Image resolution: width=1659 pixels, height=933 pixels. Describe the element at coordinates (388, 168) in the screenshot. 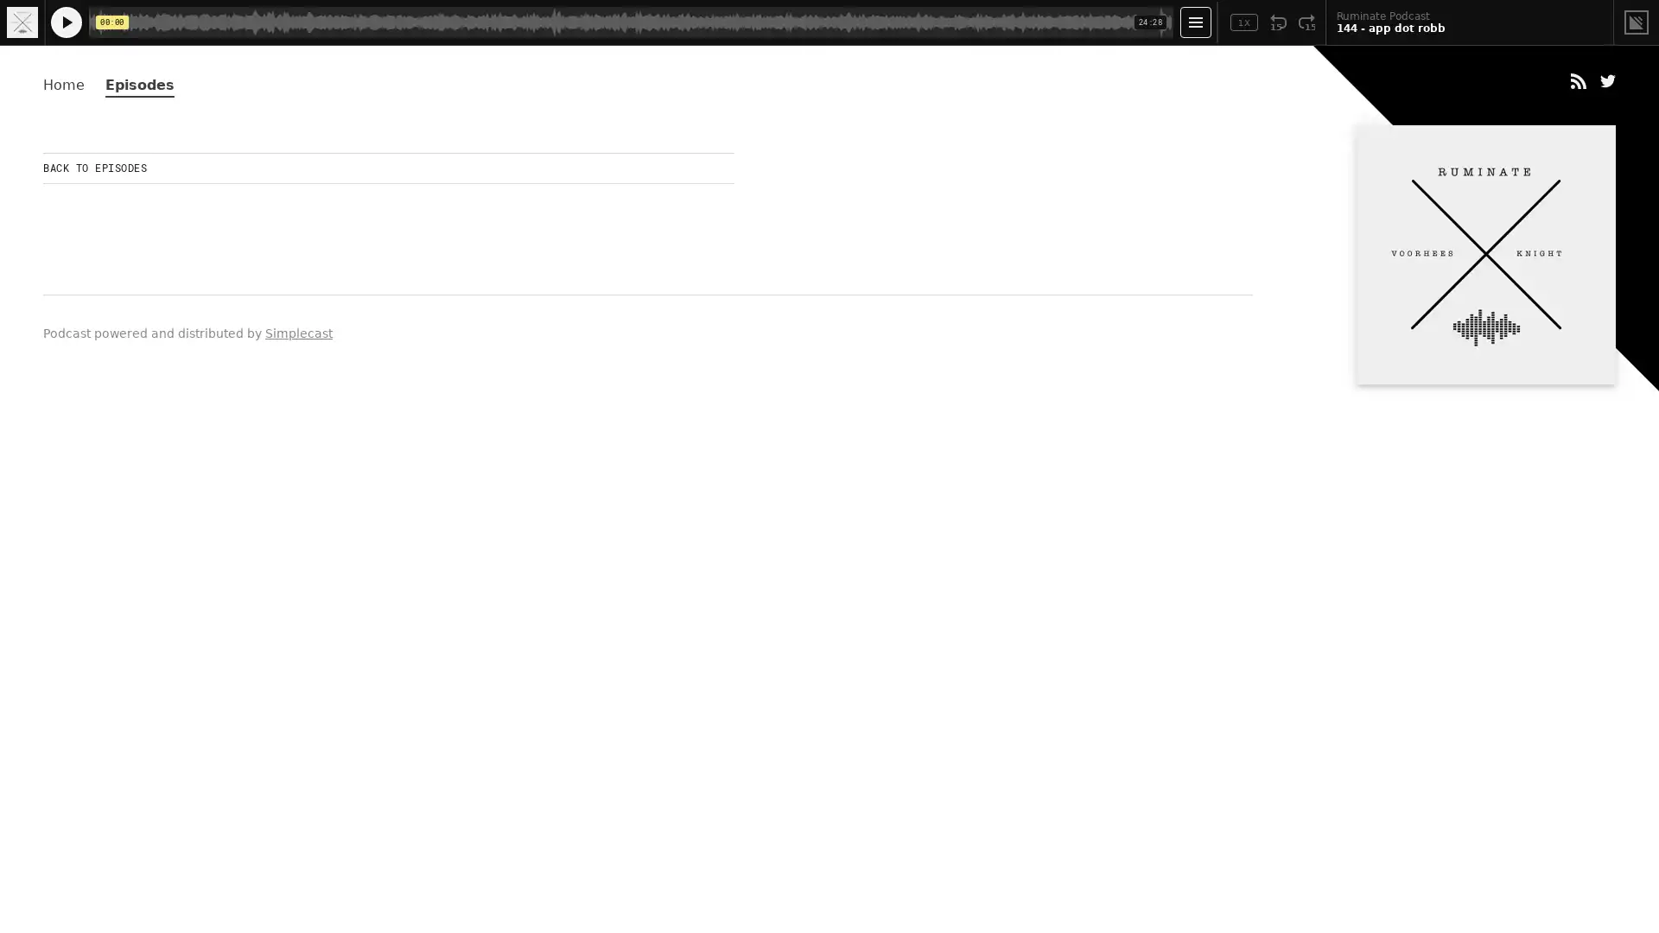

I see `BACK TO EPISODES` at that location.